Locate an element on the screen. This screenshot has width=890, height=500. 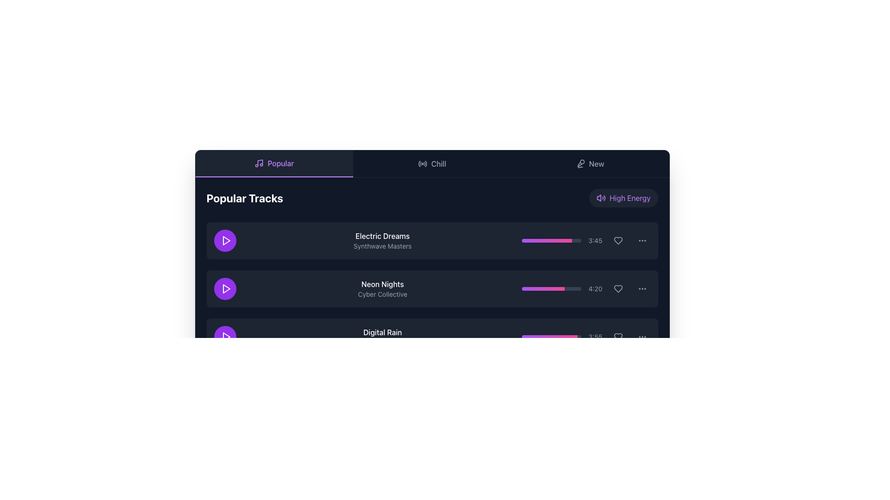
the inner triangular shape of the play icon for the track 'Digital Rain' to initiate playback is located at coordinates (226, 337).